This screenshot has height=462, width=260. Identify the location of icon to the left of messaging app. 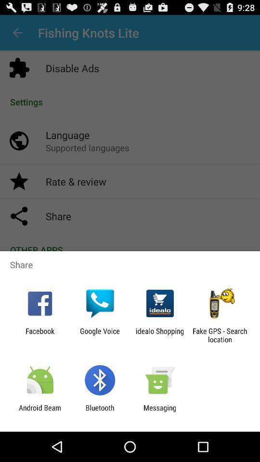
(99, 411).